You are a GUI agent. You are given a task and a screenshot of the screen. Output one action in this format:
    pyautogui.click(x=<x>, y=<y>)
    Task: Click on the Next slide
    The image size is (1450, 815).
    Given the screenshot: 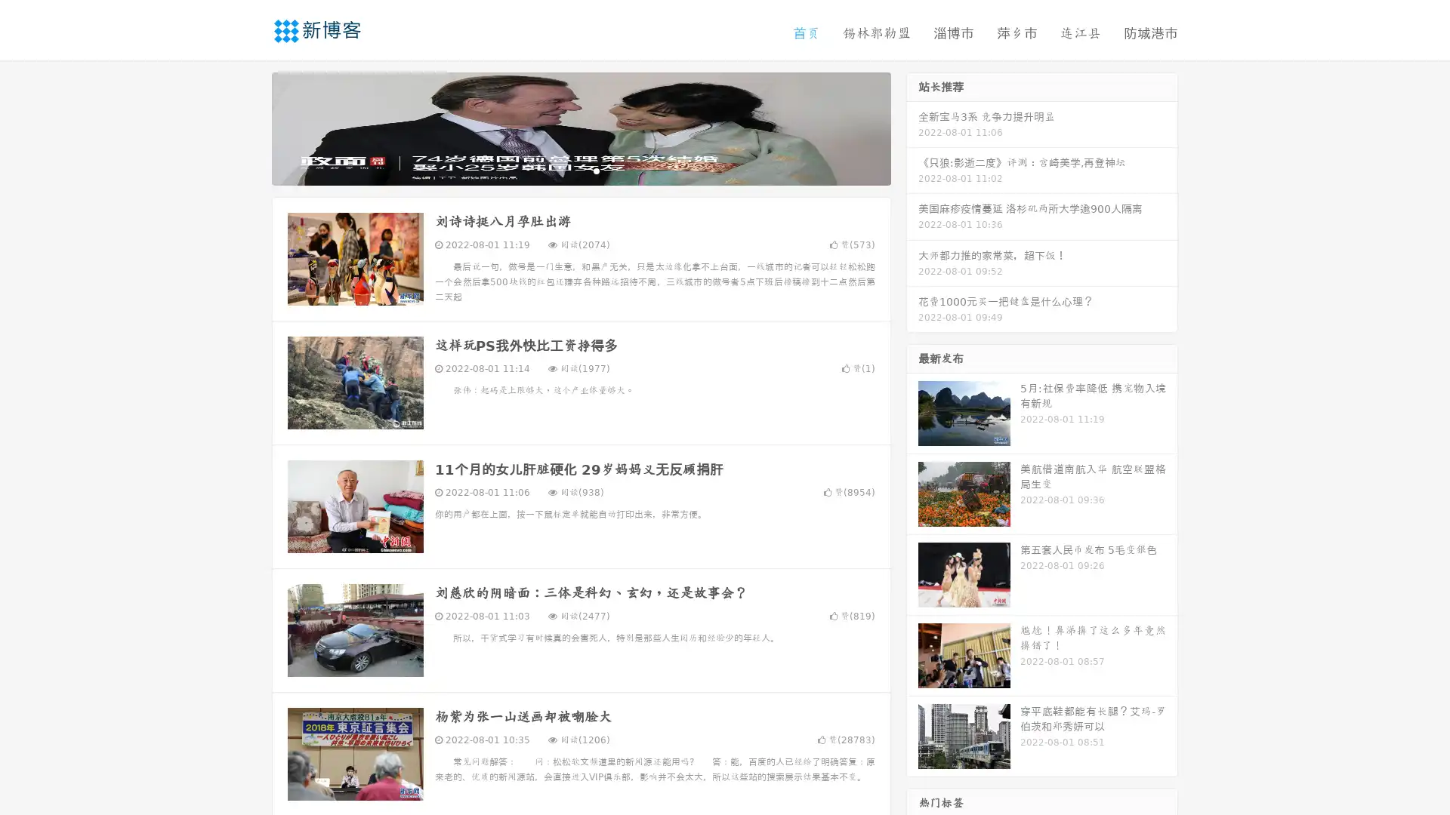 What is the action you would take?
    pyautogui.click(x=912, y=127)
    